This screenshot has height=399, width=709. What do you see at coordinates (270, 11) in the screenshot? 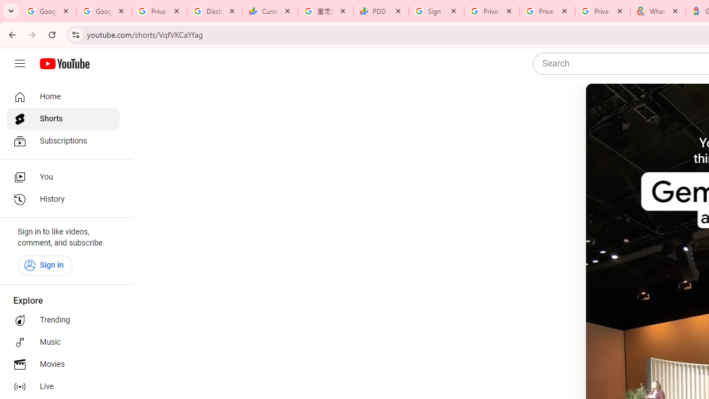
I see `'Currencies - Google Finance'` at bounding box center [270, 11].